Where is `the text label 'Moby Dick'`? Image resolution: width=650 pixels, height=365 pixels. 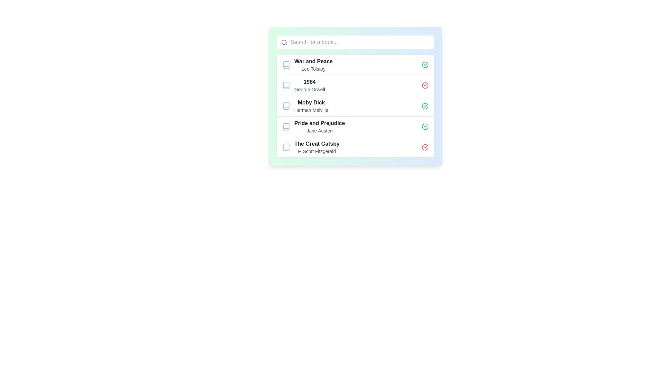
the text label 'Moby Dick' is located at coordinates (311, 103).